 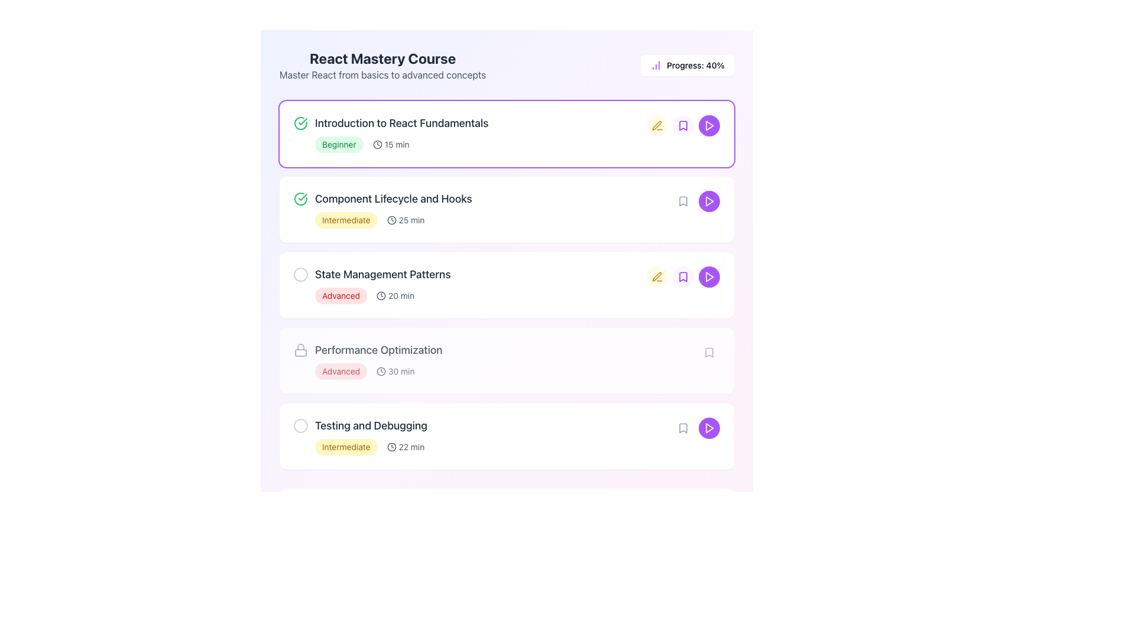 What do you see at coordinates (391, 144) in the screenshot?
I see `the estimated time indicator text located within the 'Introduction to React Fundamentals' card, positioned to the right of the 'Beginner' pill` at bounding box center [391, 144].